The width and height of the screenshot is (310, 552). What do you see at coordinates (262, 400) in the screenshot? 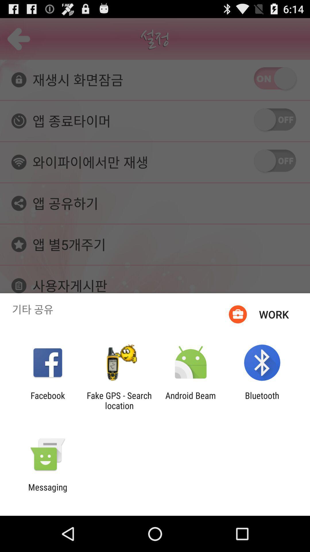
I see `item at the bottom right corner` at bounding box center [262, 400].